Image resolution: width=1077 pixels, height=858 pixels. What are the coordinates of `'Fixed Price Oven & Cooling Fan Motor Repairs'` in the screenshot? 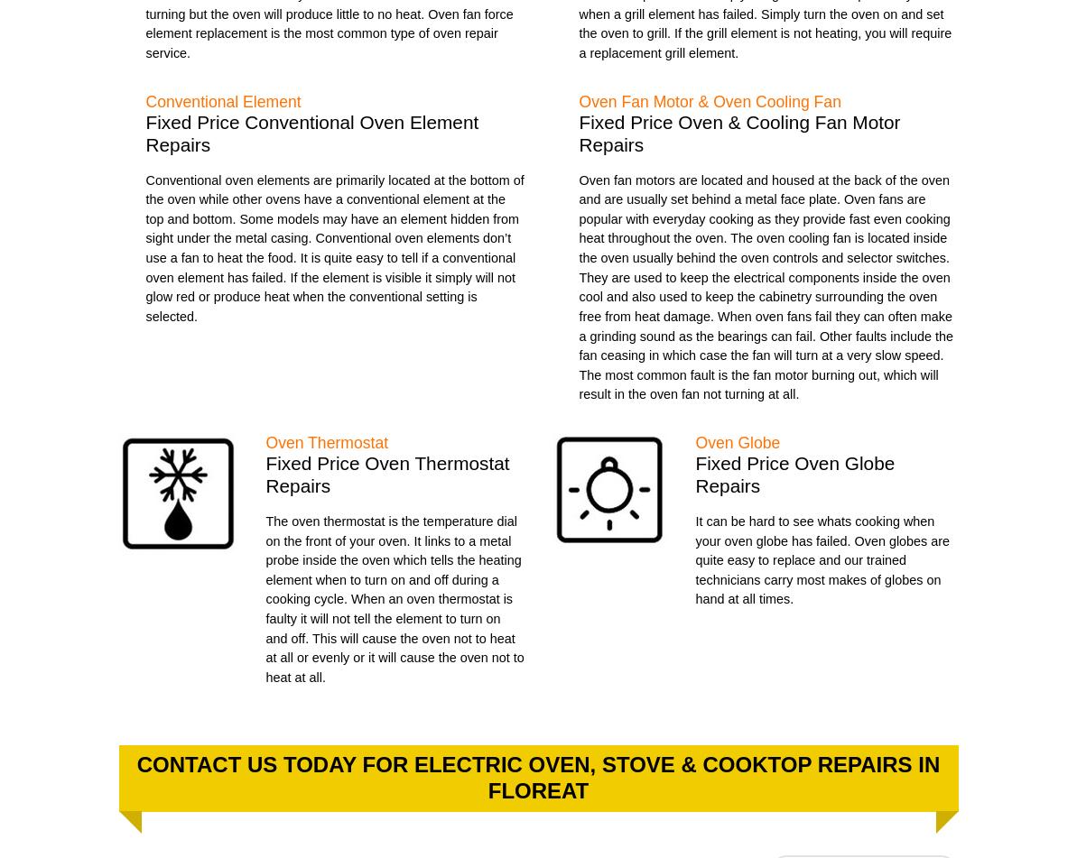 It's located at (738, 133).